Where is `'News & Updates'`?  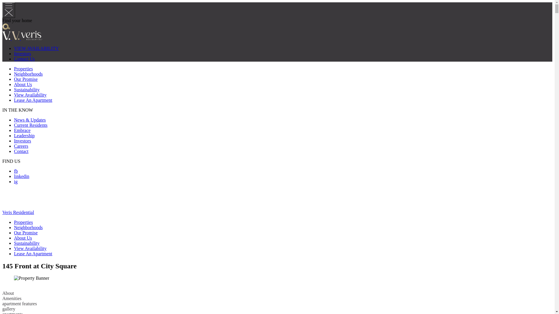
'News & Updates' is located at coordinates (29, 119).